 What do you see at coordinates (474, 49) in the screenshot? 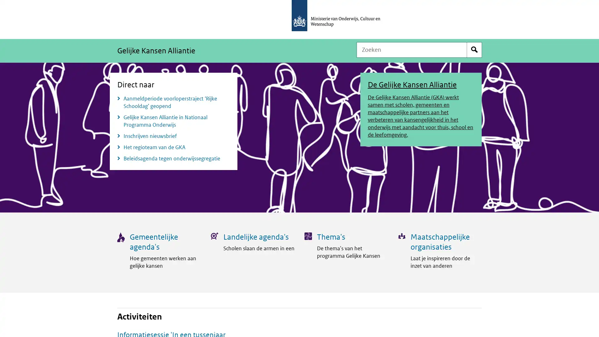
I see `Start zoeken` at bounding box center [474, 49].